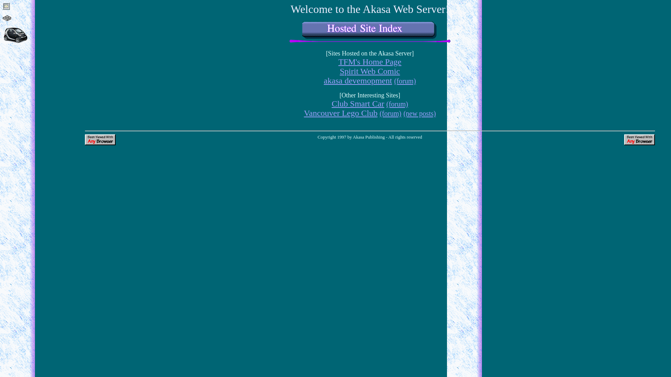 This screenshot has width=671, height=377. What do you see at coordinates (379, 113) in the screenshot?
I see `'(forum)'` at bounding box center [379, 113].